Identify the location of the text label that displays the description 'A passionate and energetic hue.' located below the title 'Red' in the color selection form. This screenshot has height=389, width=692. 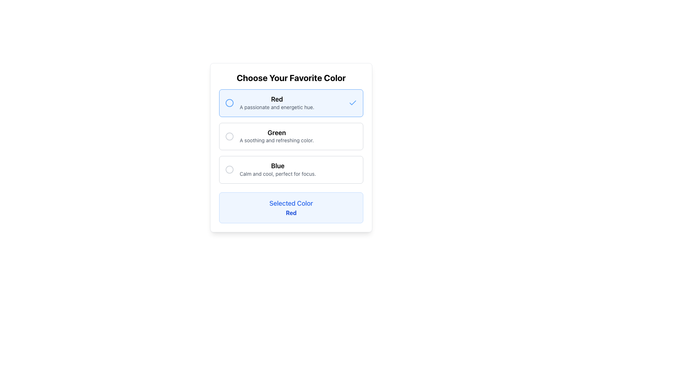
(276, 107).